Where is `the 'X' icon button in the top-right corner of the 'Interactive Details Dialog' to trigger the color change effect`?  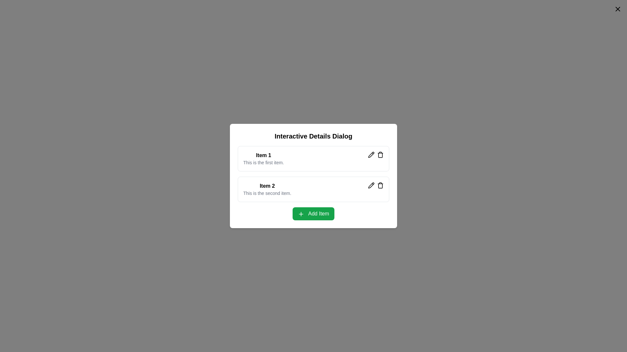 the 'X' icon button in the top-right corner of the 'Interactive Details Dialog' to trigger the color change effect is located at coordinates (617, 9).